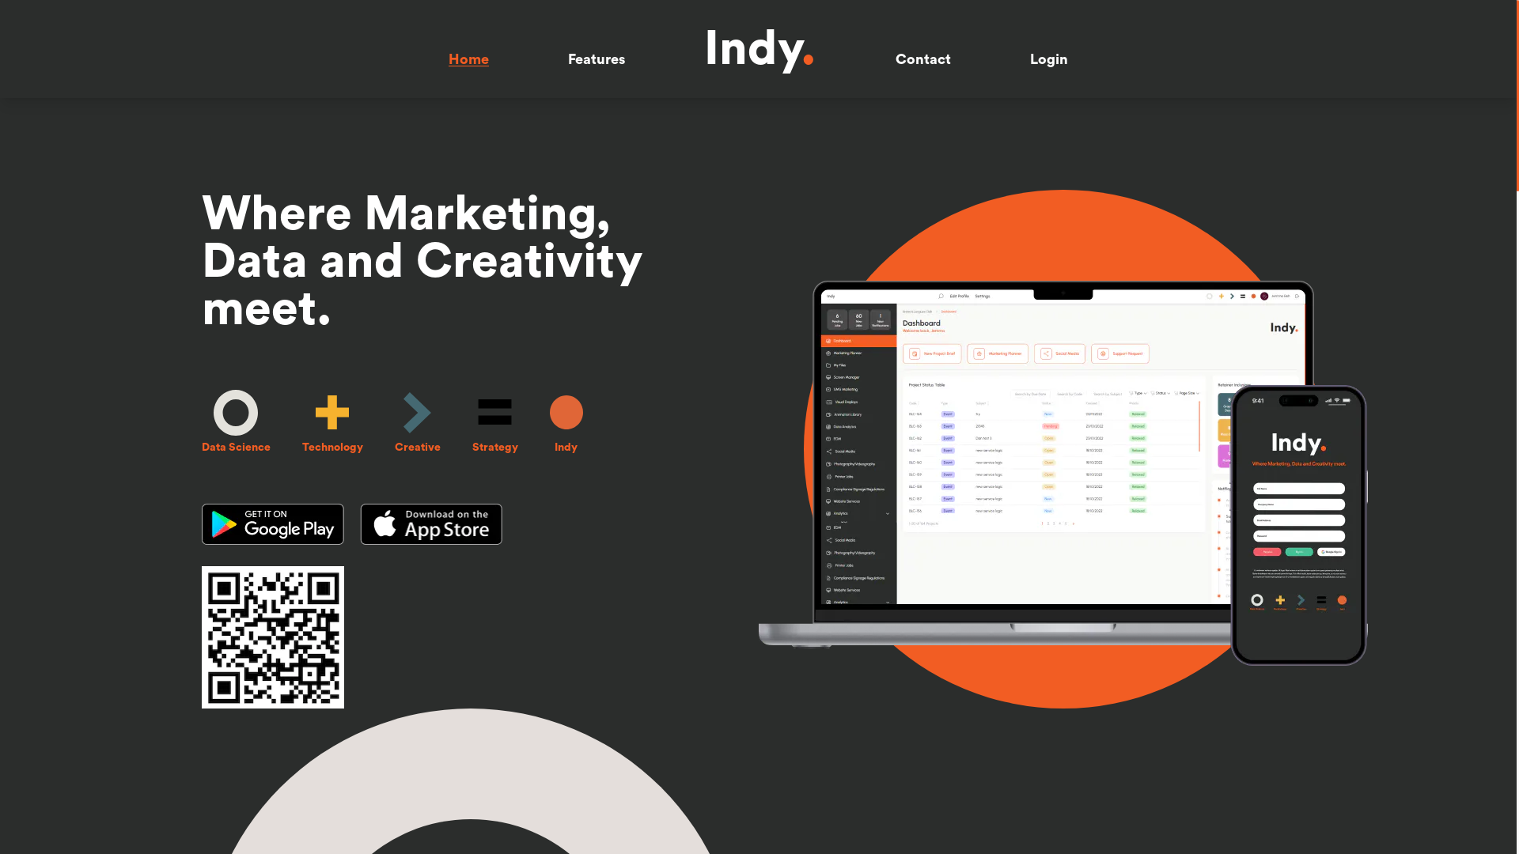 This screenshot has width=1519, height=854. Describe the element at coordinates (1048, 58) in the screenshot. I see `'Login'` at that location.